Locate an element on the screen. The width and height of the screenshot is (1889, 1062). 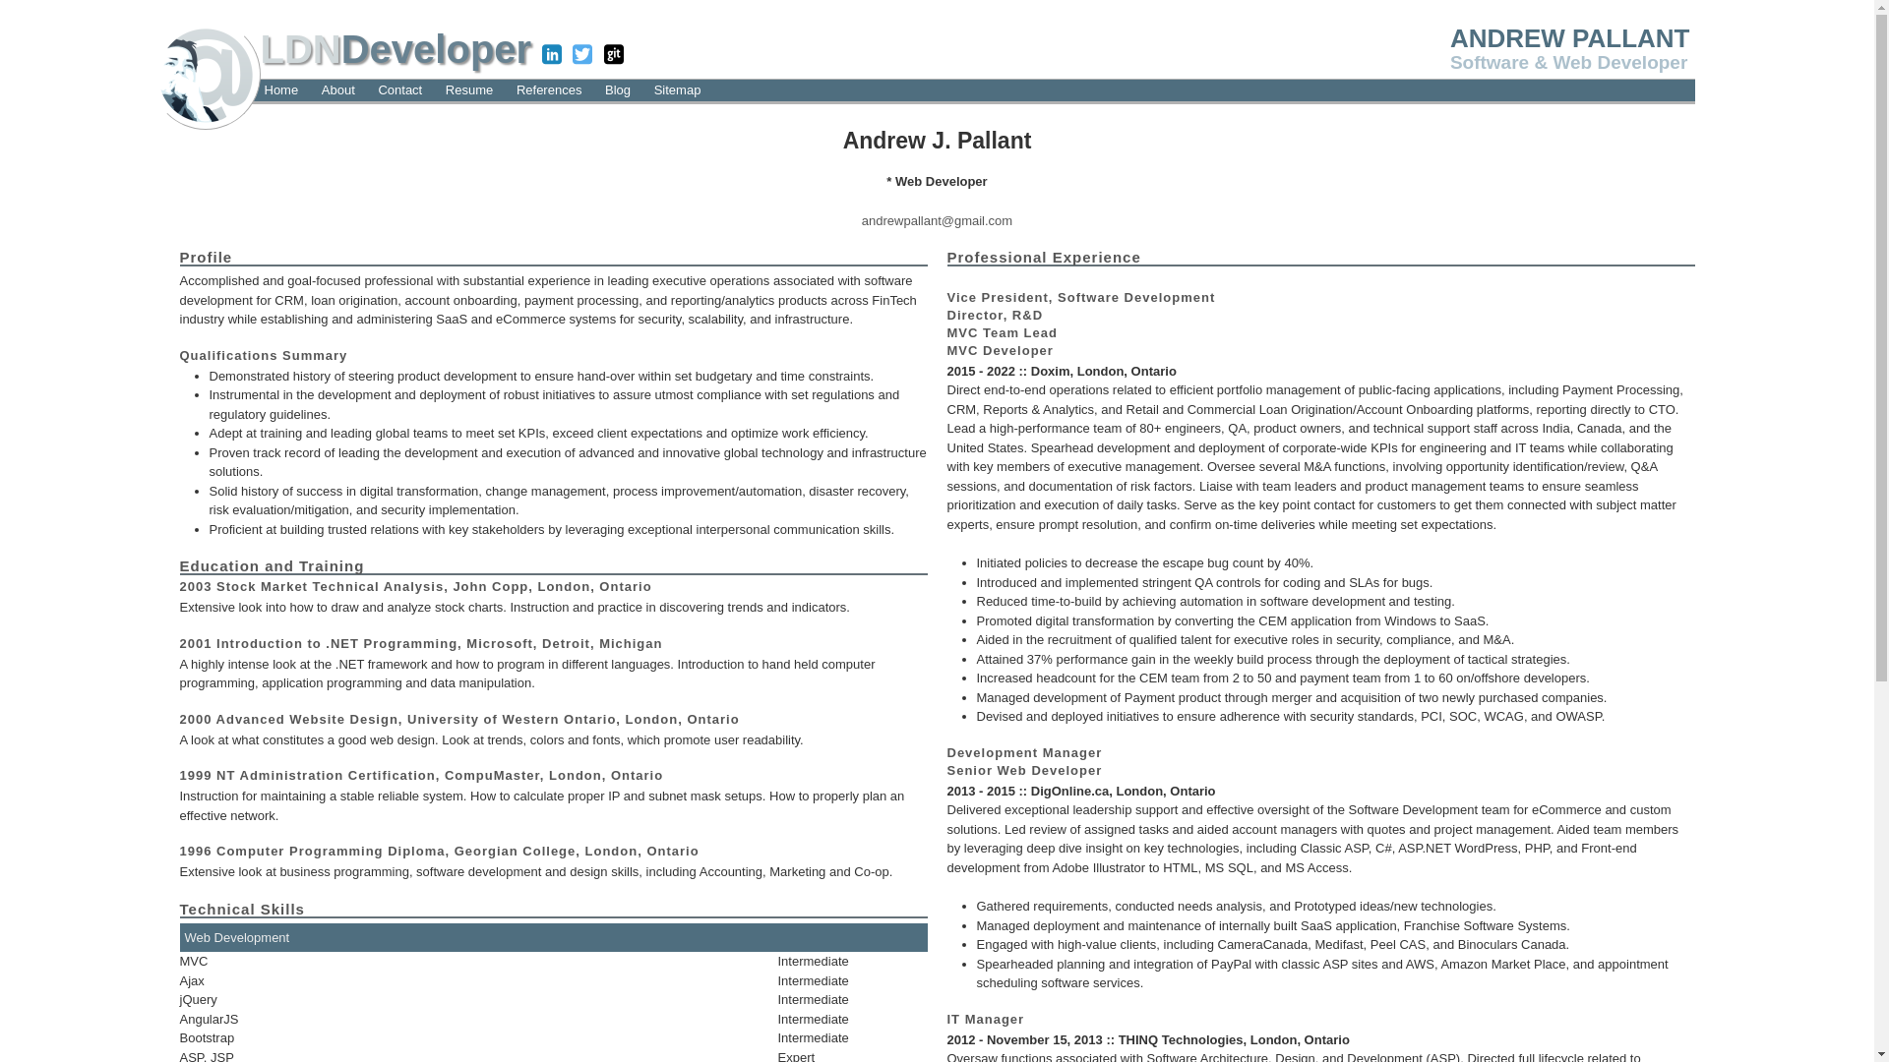
'Sitemap' is located at coordinates (650, 89).